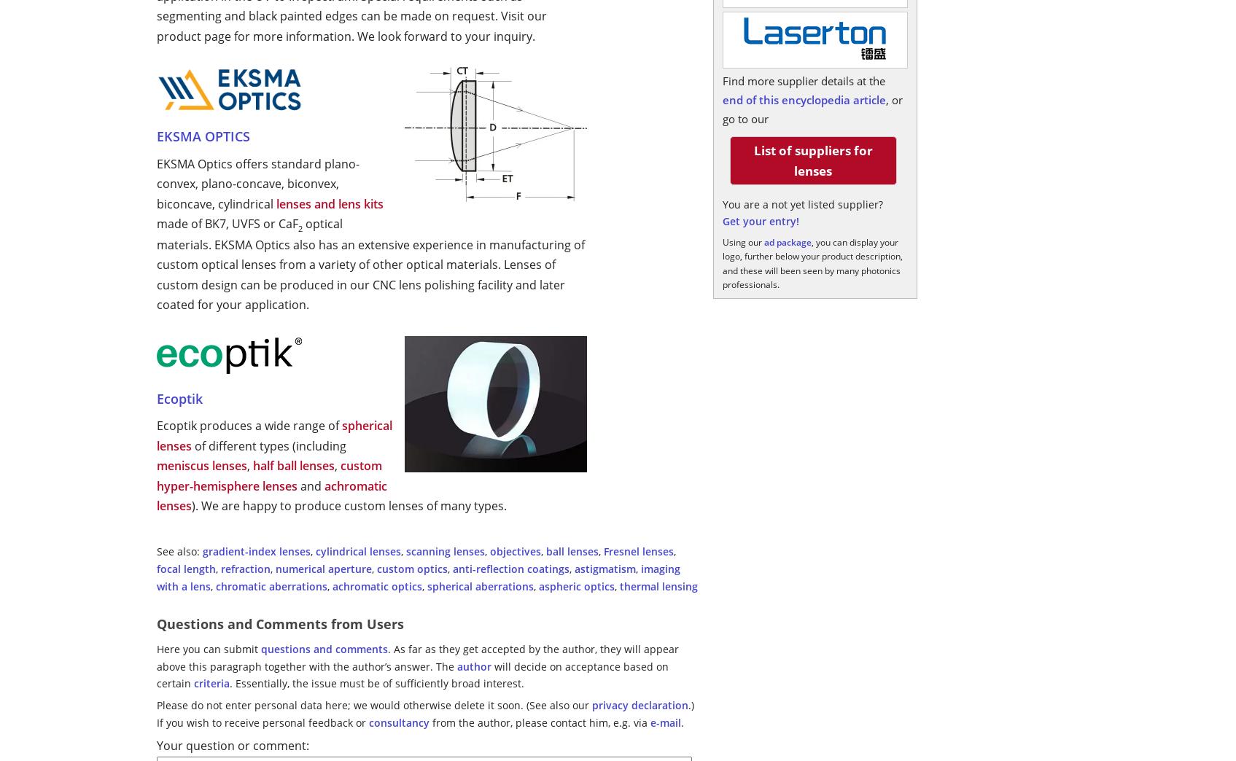  Describe the element at coordinates (490, 550) in the screenshot. I see `'objectives'` at that location.